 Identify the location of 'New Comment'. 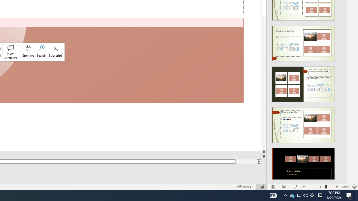
(10, 52).